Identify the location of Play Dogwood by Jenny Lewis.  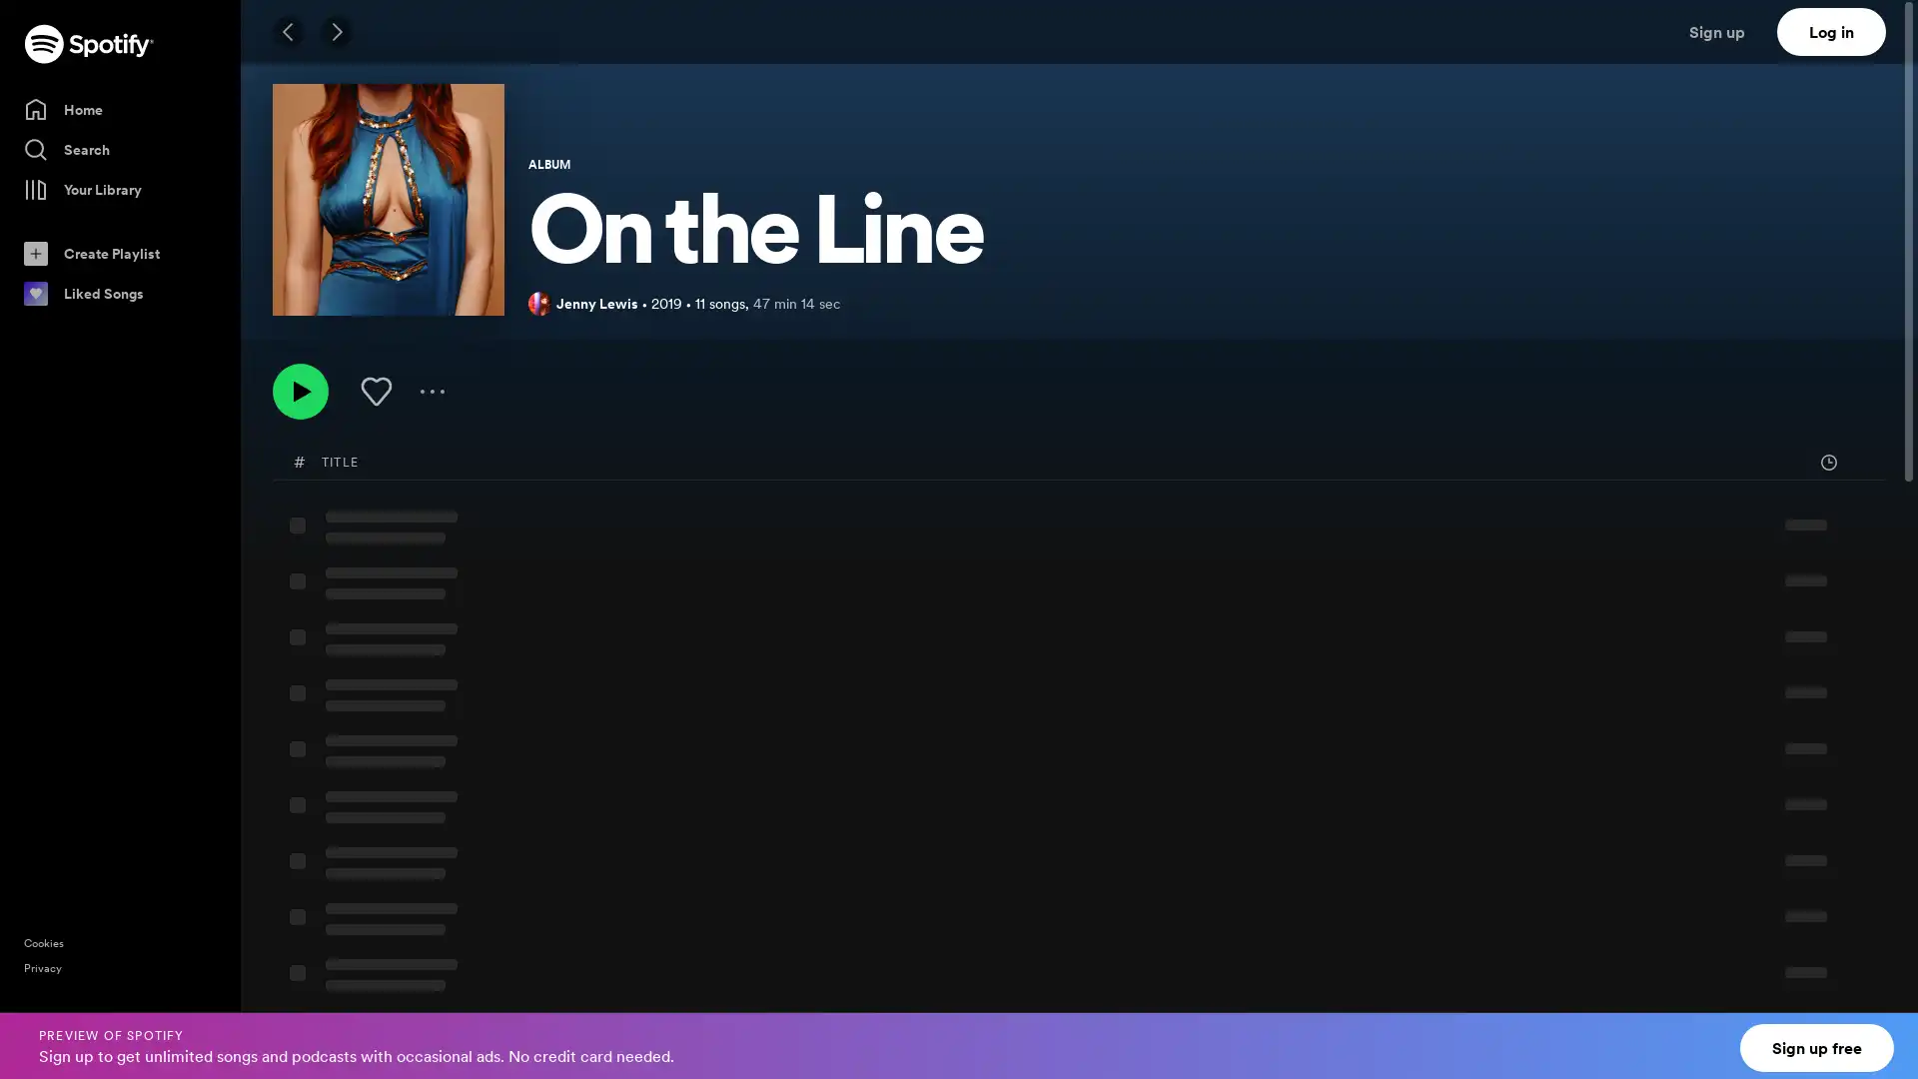
(297, 804).